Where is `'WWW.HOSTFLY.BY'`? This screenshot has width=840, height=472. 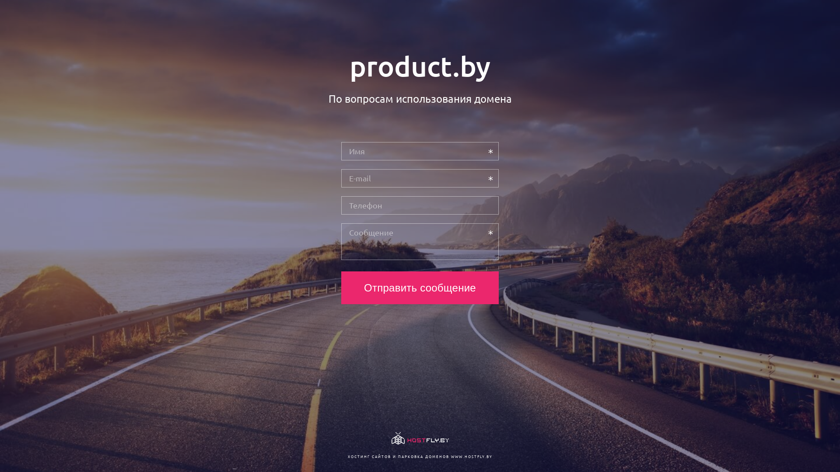
'WWW.HOSTFLY.BY' is located at coordinates (471, 456).